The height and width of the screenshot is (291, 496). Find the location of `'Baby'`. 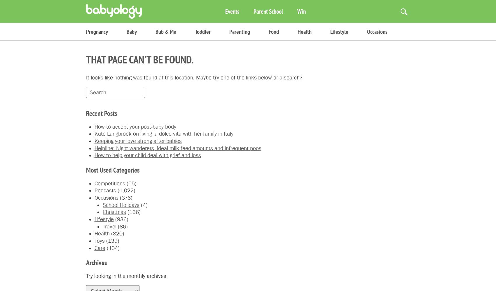

'Baby' is located at coordinates (132, 31).